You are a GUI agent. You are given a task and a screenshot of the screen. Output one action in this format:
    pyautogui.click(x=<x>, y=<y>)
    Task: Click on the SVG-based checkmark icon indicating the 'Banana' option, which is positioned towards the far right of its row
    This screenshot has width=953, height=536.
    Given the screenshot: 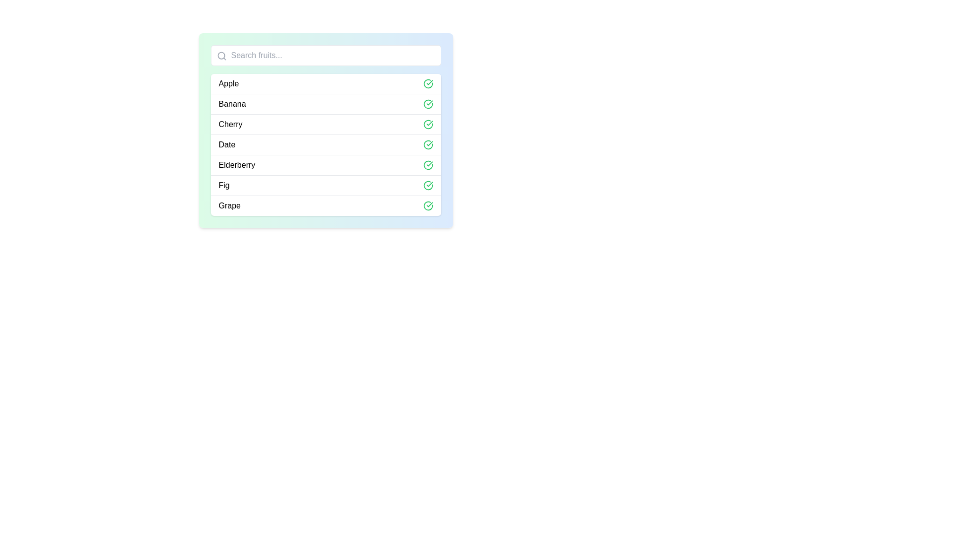 What is the action you would take?
    pyautogui.click(x=428, y=104)
    